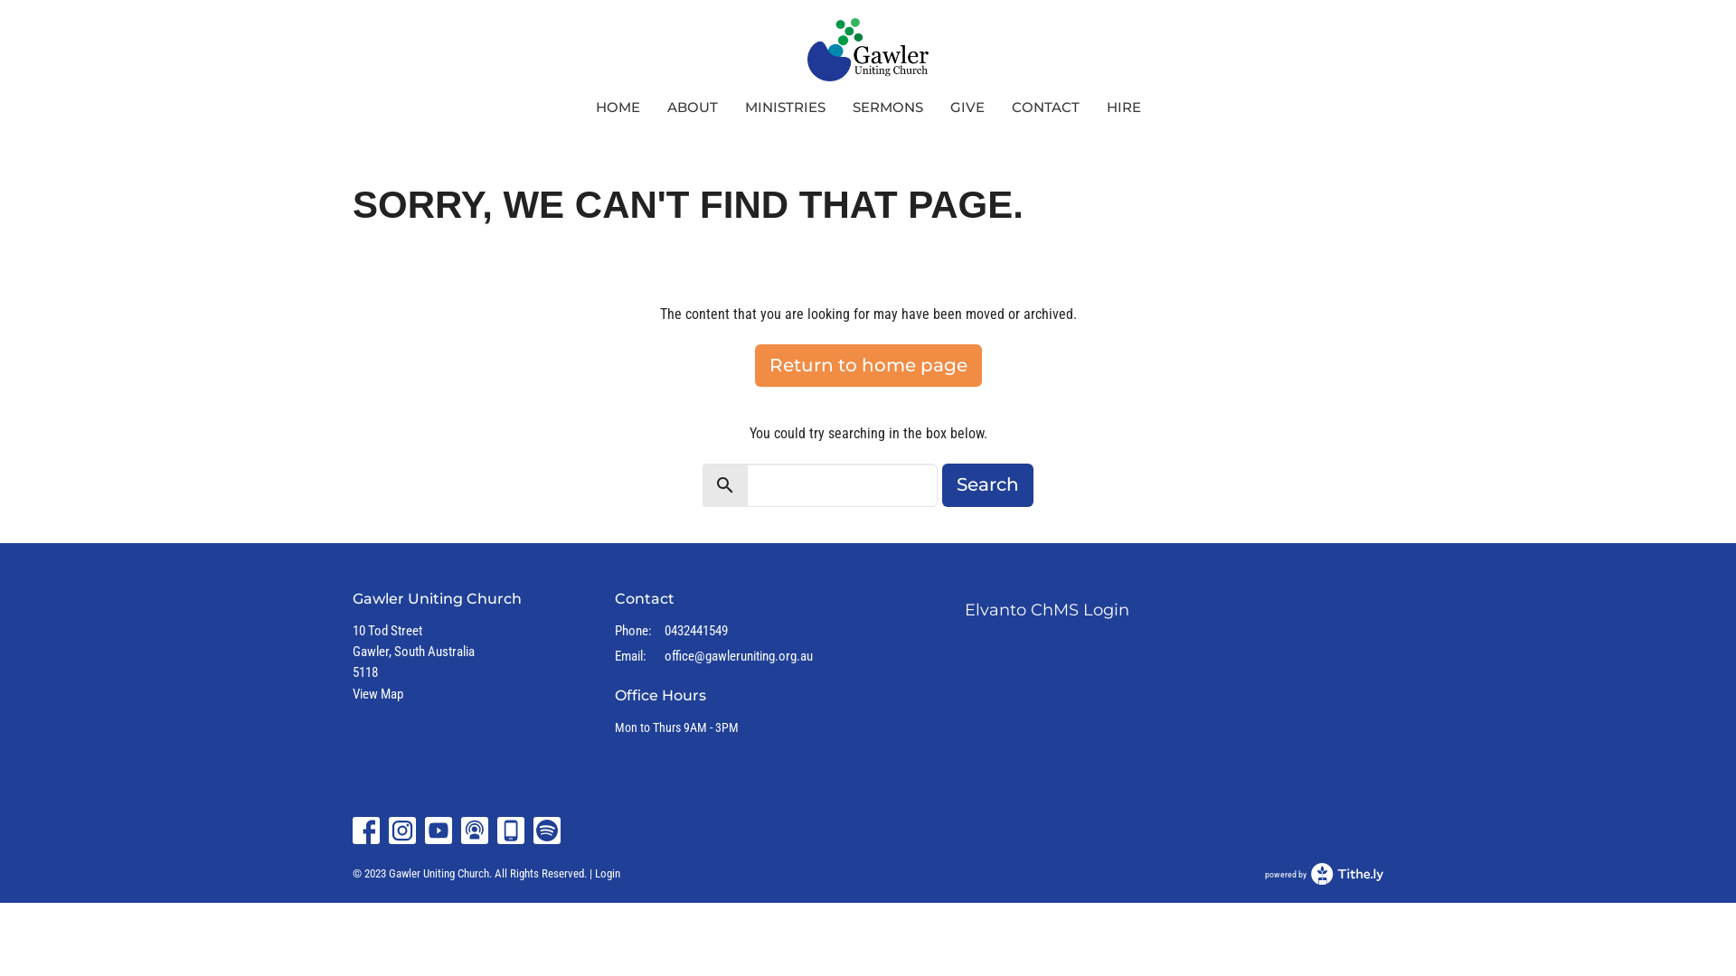 The width and height of the screenshot is (1736, 976). I want to click on 'View Map', so click(376, 692).